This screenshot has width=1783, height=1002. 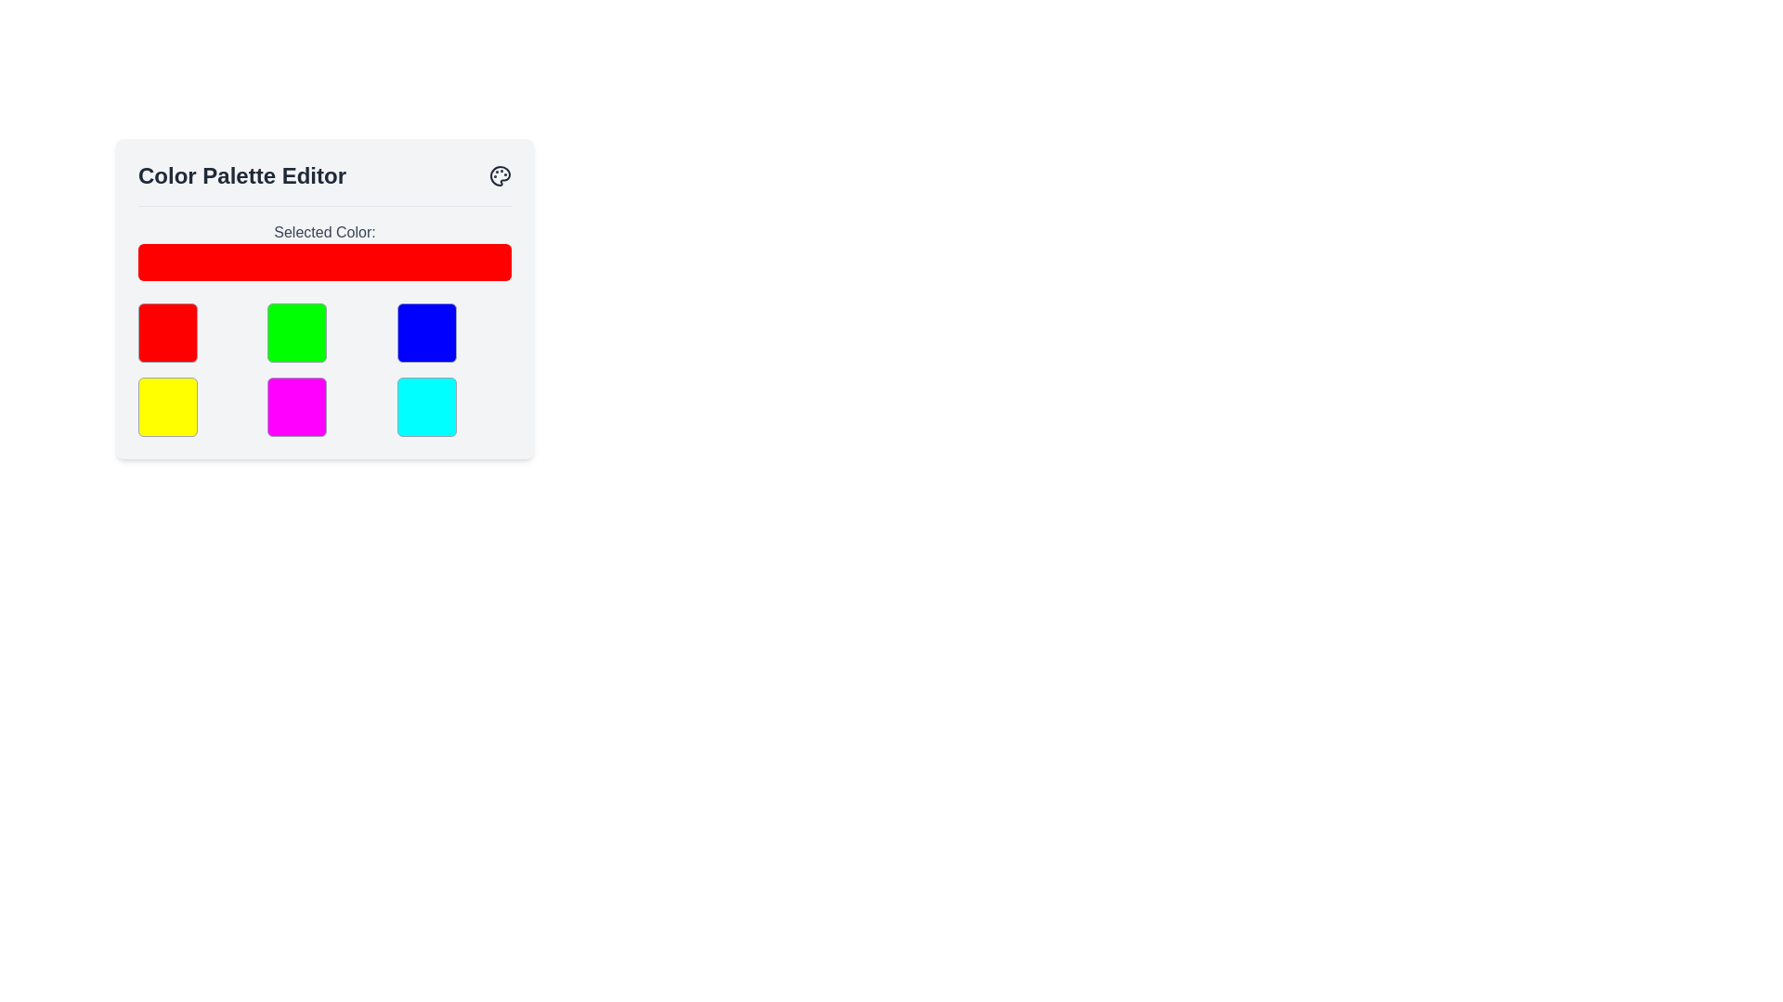 I want to click on the clickable colored block located in the first row, third position of a 3x2 grid, so click(x=425, y=331).